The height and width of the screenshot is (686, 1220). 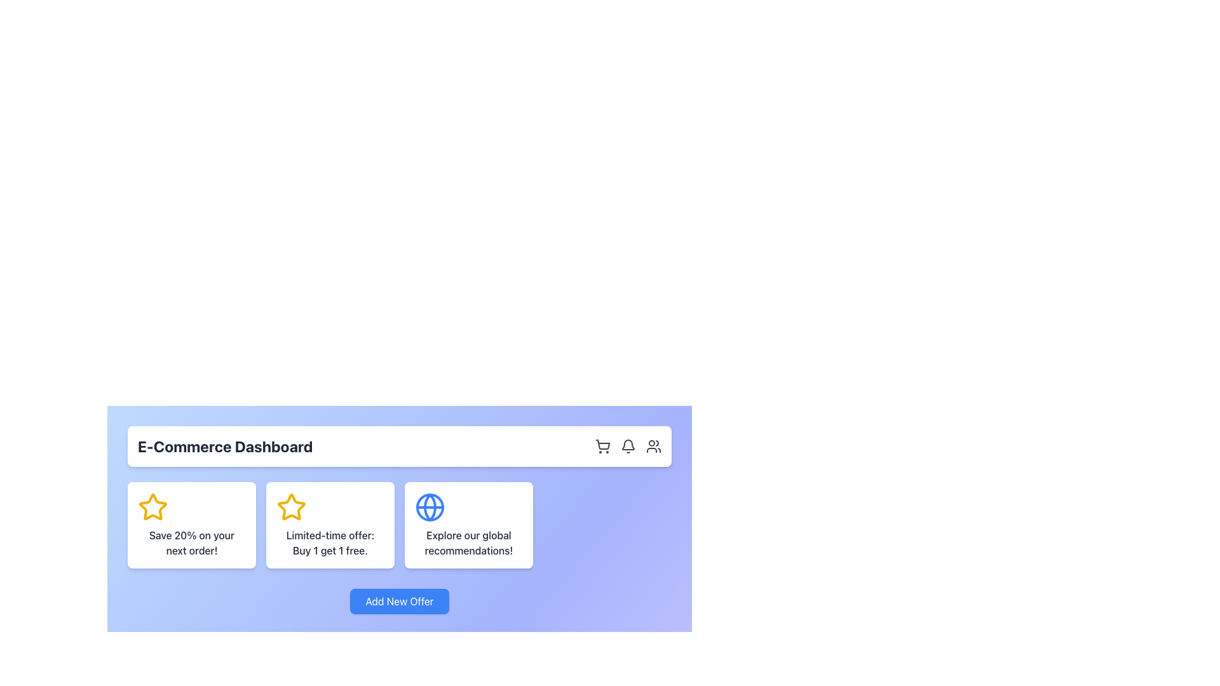 I want to click on text label displaying 'Explore our global recommendations!' located below the blue globe icon in the bottom right card of the interface, so click(x=468, y=543).